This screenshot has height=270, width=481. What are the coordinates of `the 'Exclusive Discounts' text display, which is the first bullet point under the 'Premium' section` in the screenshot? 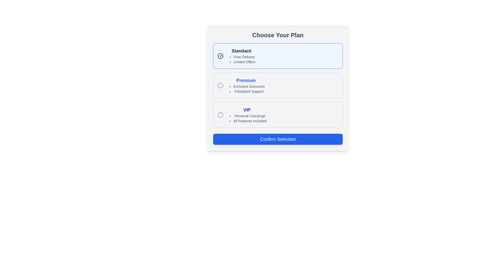 It's located at (249, 86).